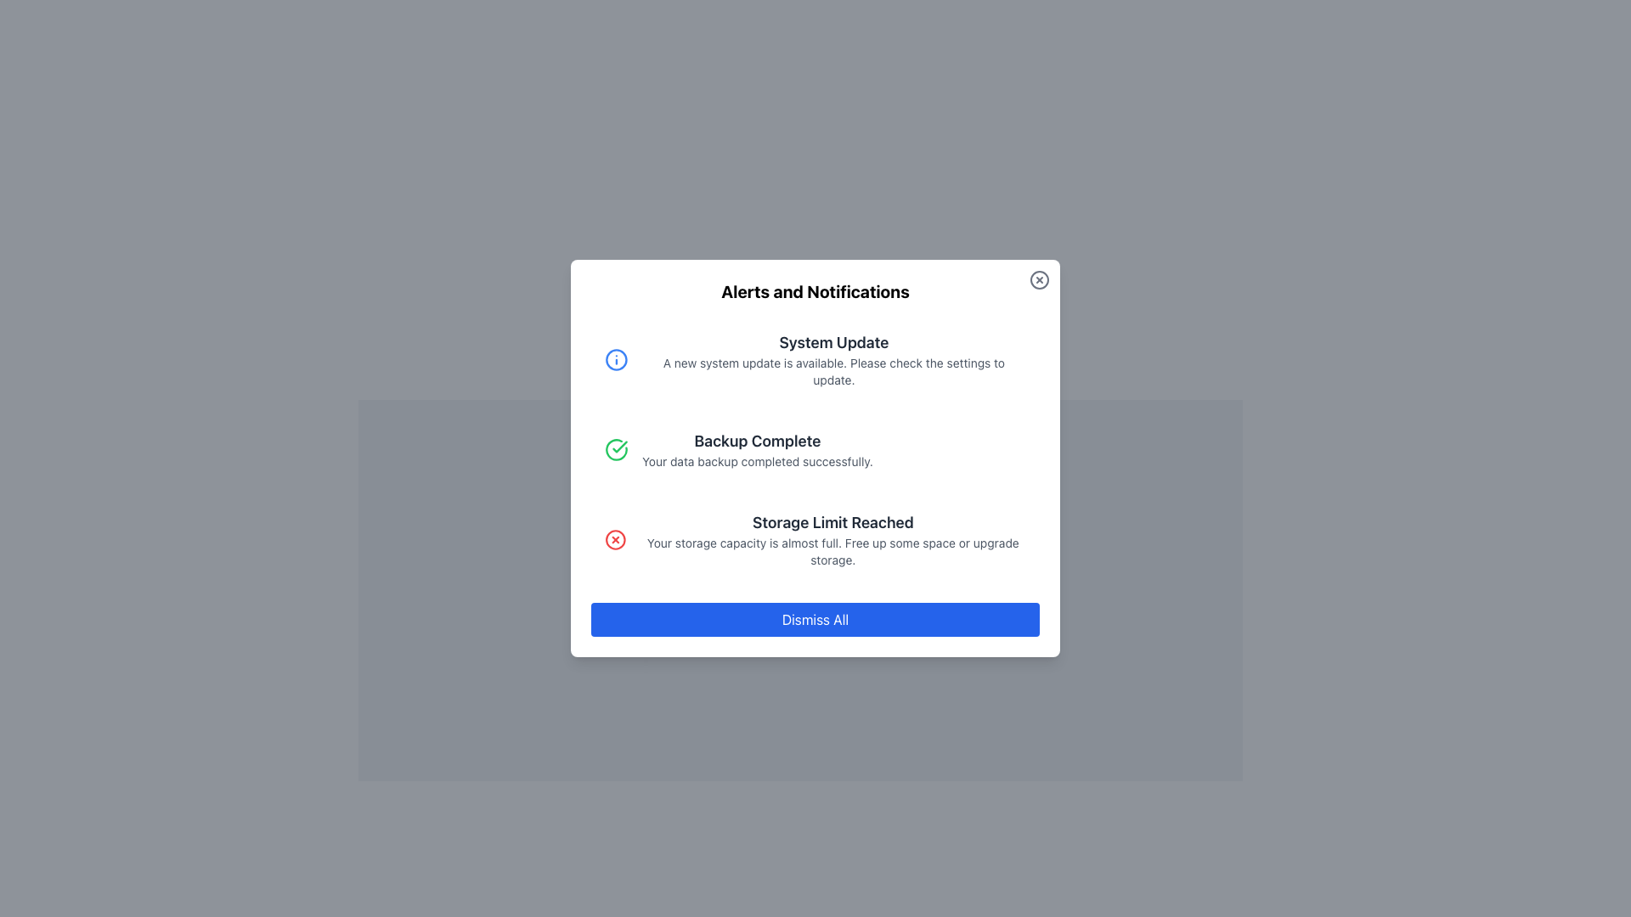 This screenshot has height=917, width=1631. What do you see at coordinates (756, 448) in the screenshot?
I see `the second notification message indicating that the data backup process has been completed successfully in the 'Alerts and Notifications' modal window` at bounding box center [756, 448].